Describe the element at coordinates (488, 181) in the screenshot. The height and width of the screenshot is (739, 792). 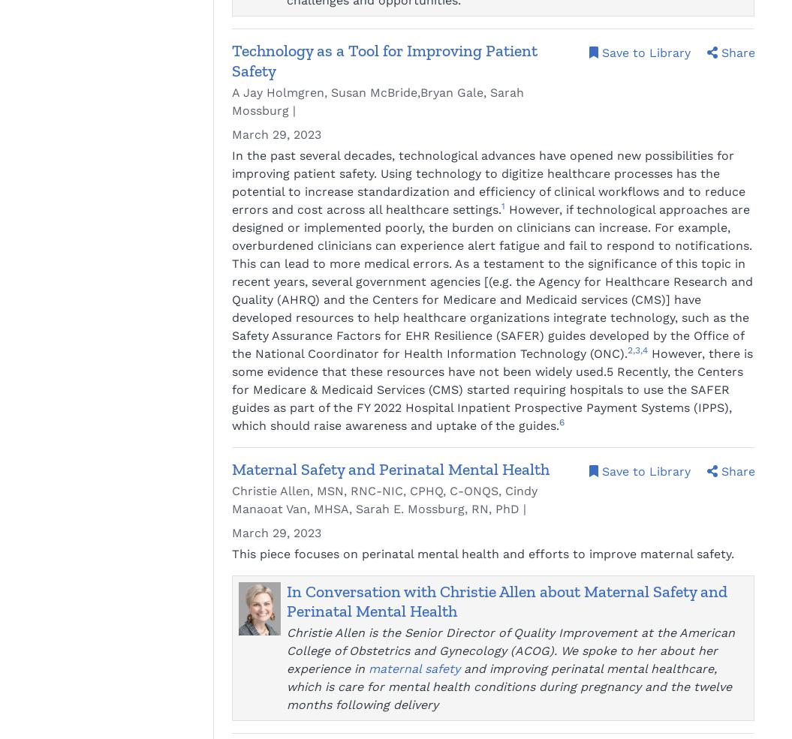
I see `'In the past several decades, technological advances have opened new possibilities for improving patient safety. Using technology to digitize healthcare processes has the potential to increase standardization and efficiency of clinical workflows and to reduce errors and cost across all healthcare settings.'` at that location.